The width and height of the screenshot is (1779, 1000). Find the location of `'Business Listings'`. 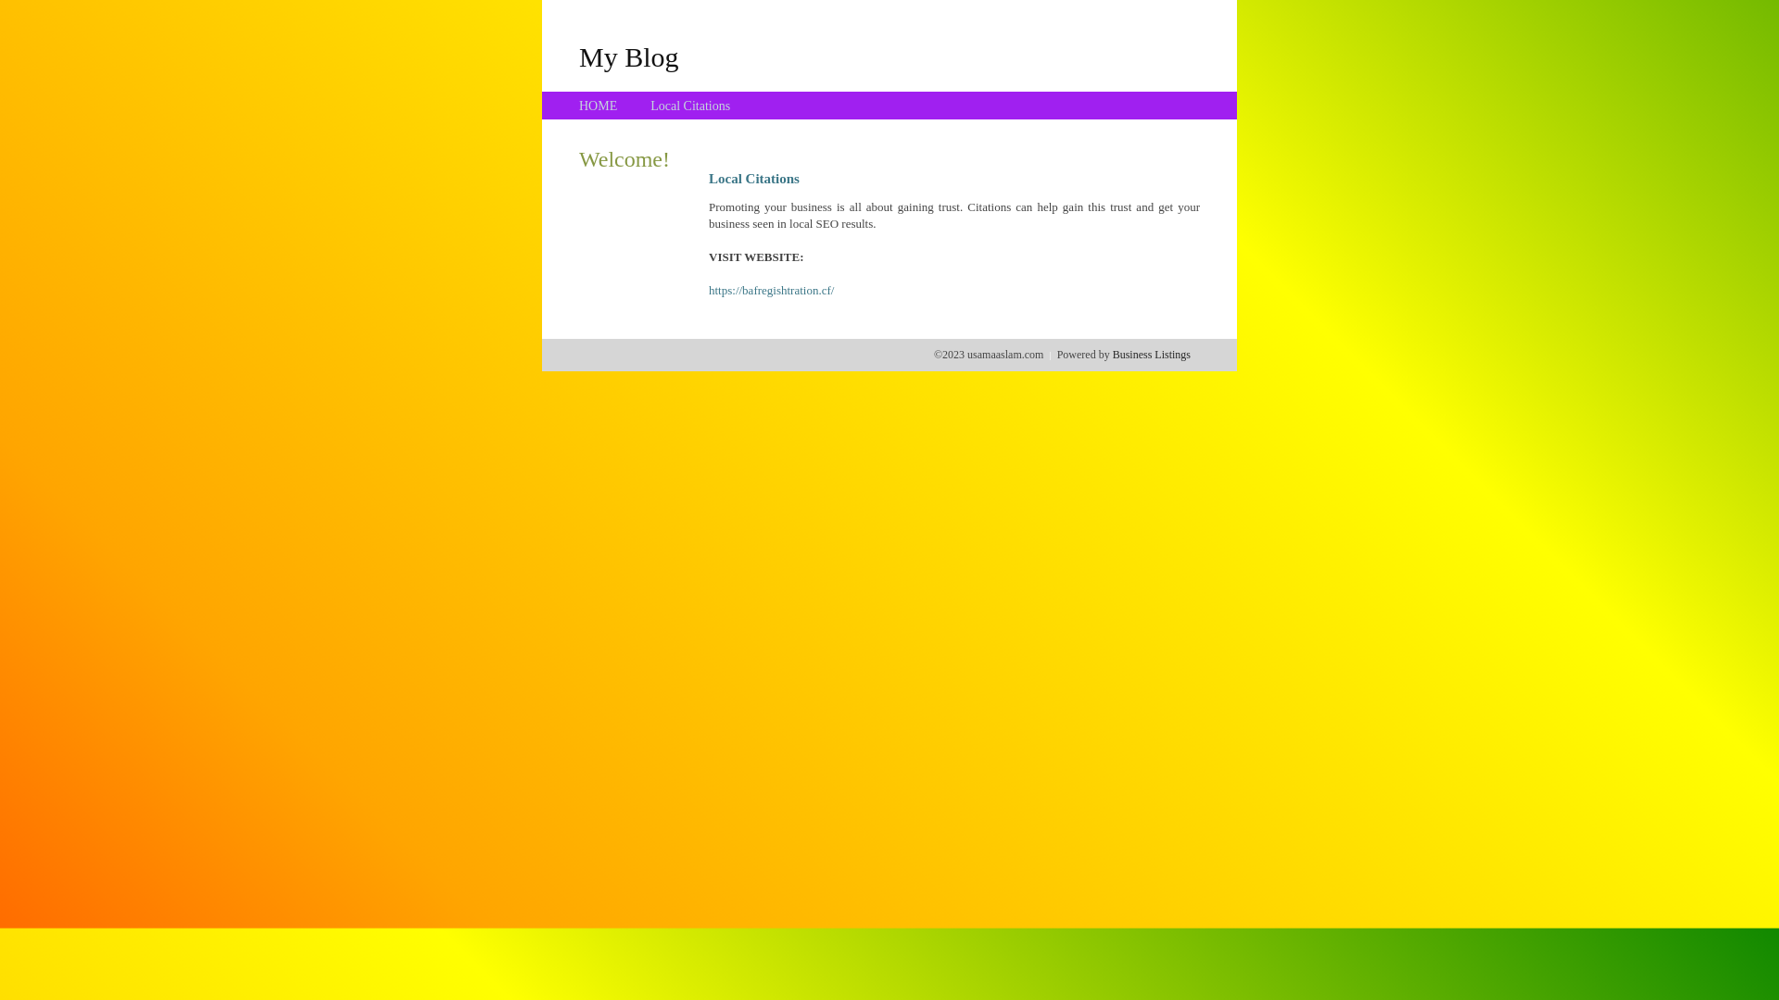

'Business Listings' is located at coordinates (1151, 354).